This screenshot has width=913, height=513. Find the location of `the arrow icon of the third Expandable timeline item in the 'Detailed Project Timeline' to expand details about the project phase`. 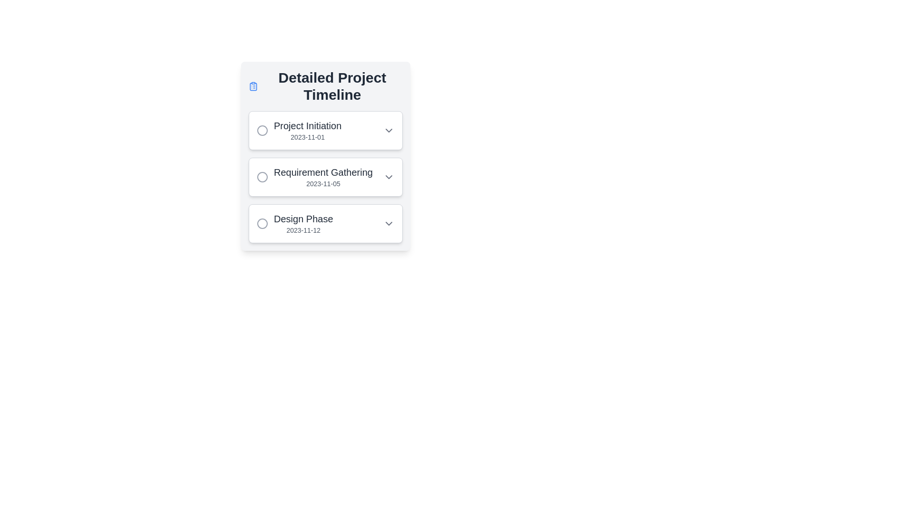

the arrow icon of the third Expandable timeline item in the 'Detailed Project Timeline' to expand details about the project phase is located at coordinates (326, 223).